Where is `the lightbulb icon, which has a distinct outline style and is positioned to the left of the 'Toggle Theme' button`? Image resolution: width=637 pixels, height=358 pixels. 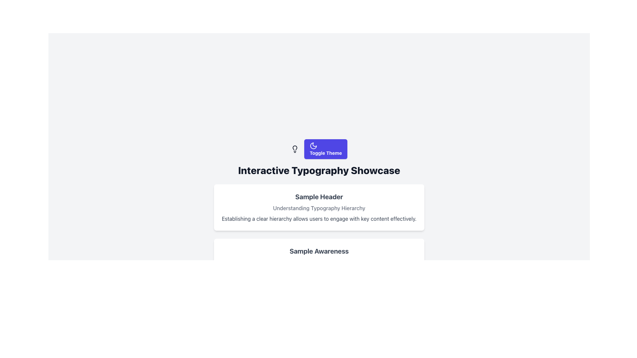 the lightbulb icon, which has a distinct outline style and is positioned to the left of the 'Toggle Theme' button is located at coordinates (295, 149).